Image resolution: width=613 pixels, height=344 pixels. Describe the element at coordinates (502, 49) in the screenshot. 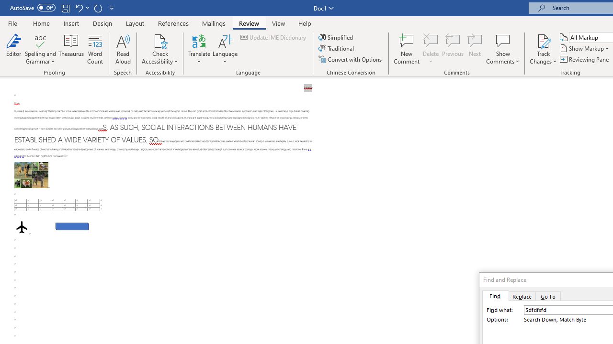

I see `'Show Comments'` at that location.